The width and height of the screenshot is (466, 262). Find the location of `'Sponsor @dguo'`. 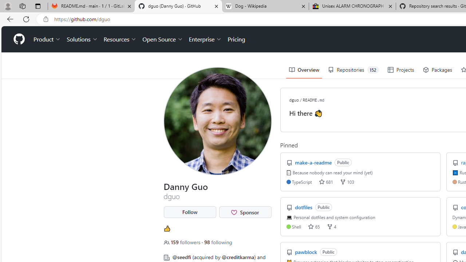

'Sponsor @dguo' is located at coordinates (245, 212).